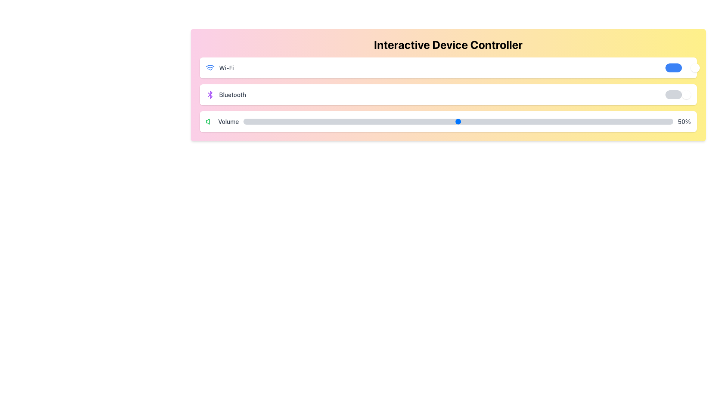 The width and height of the screenshot is (717, 403). I want to click on the Bluetooth icon, which is located in the second row of a vertical list, immediately to the left of the label 'Bluetooth', so click(209, 94).